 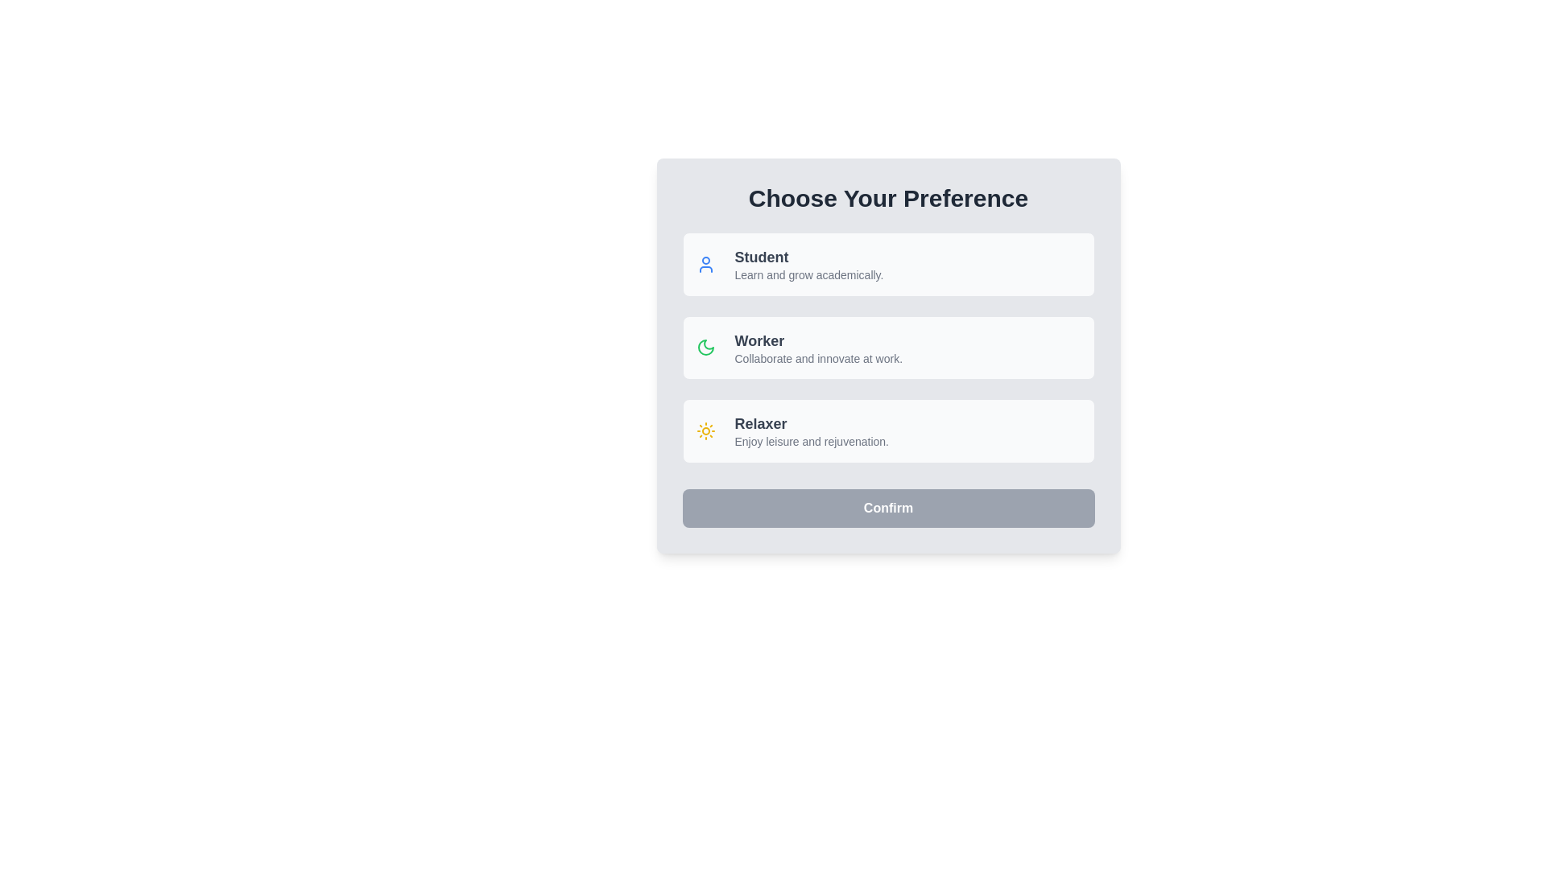 What do you see at coordinates (799, 347) in the screenshot?
I see `the 'Worker' label with accompanying icon and description text, which is part of the second option in the vertical list under 'Choose Your Preference'` at bounding box center [799, 347].